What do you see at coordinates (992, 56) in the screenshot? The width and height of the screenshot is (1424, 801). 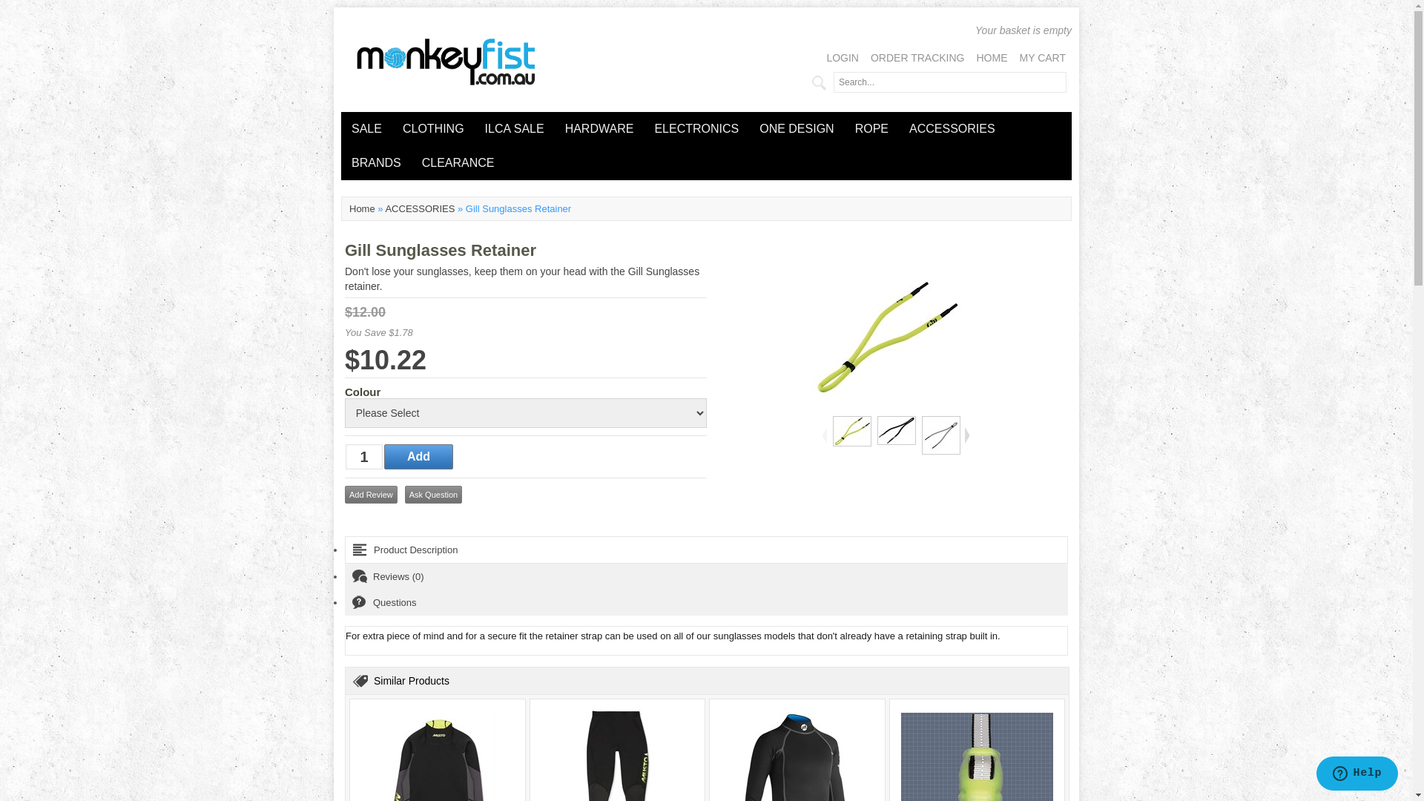 I see `'HOME'` at bounding box center [992, 56].